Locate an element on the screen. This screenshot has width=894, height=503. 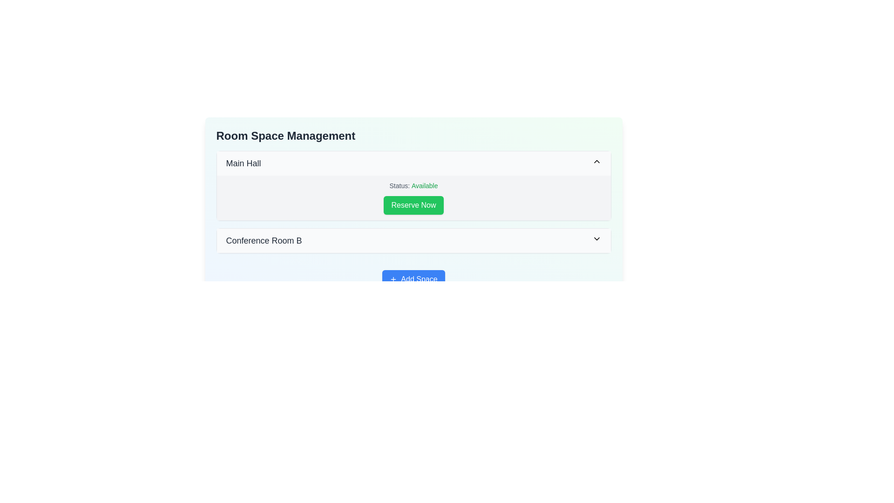
the green button labeled 'Reserve Now' to provide additional visual feedback is located at coordinates (413, 208).